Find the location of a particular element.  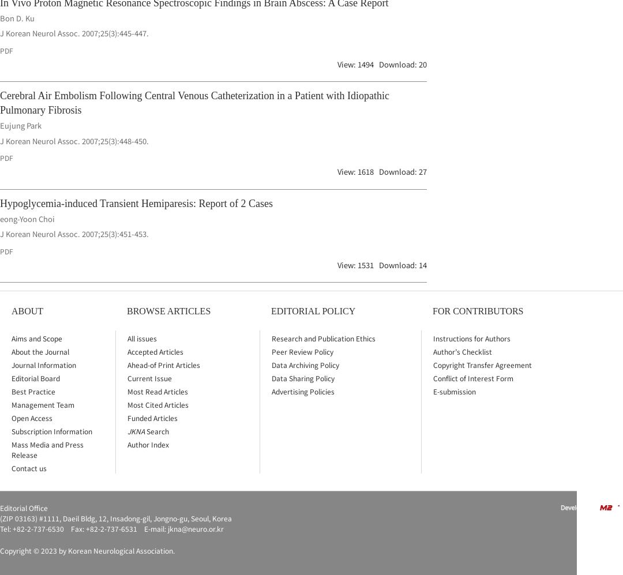

'Accepted Articles' is located at coordinates (155, 351).